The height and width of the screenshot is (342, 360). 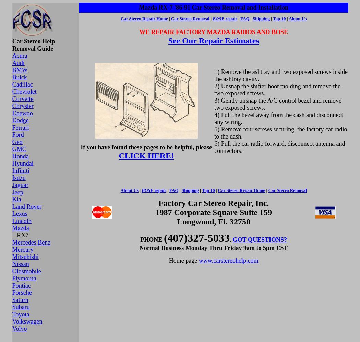 What do you see at coordinates (12, 292) in the screenshot?
I see `'Porsche'` at bounding box center [12, 292].